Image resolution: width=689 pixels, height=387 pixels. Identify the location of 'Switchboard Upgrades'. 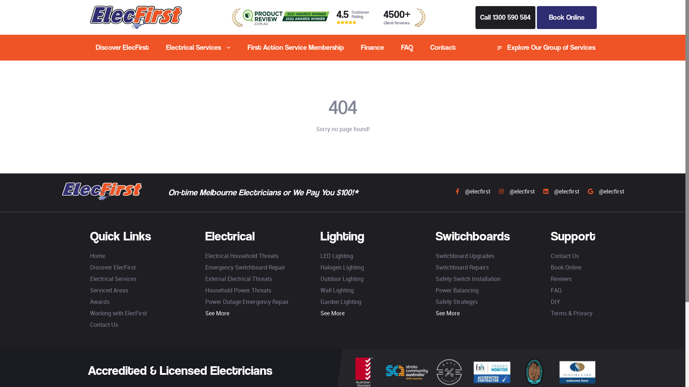
(465, 255).